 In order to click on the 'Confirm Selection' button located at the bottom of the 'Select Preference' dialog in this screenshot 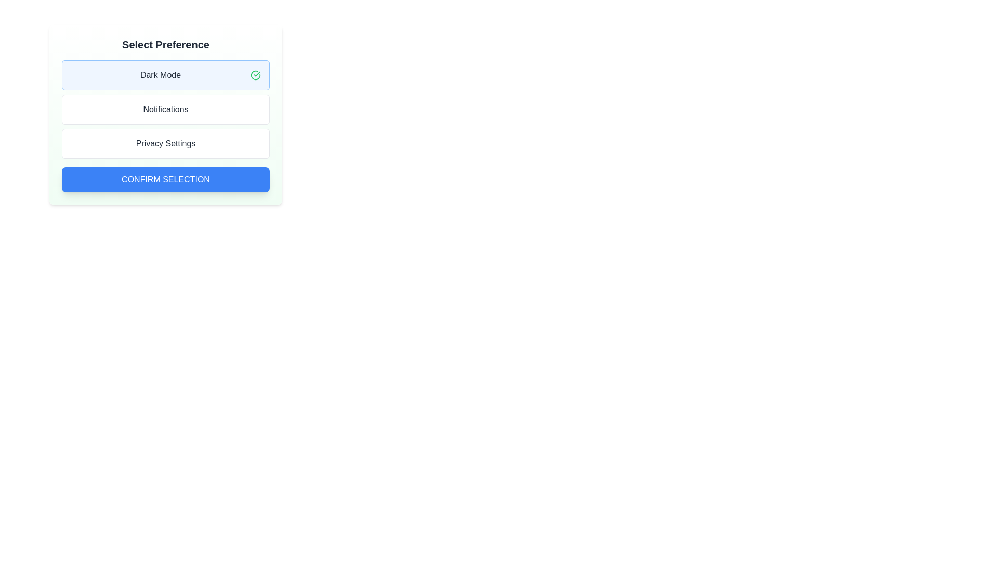, I will do `click(165, 179)`.